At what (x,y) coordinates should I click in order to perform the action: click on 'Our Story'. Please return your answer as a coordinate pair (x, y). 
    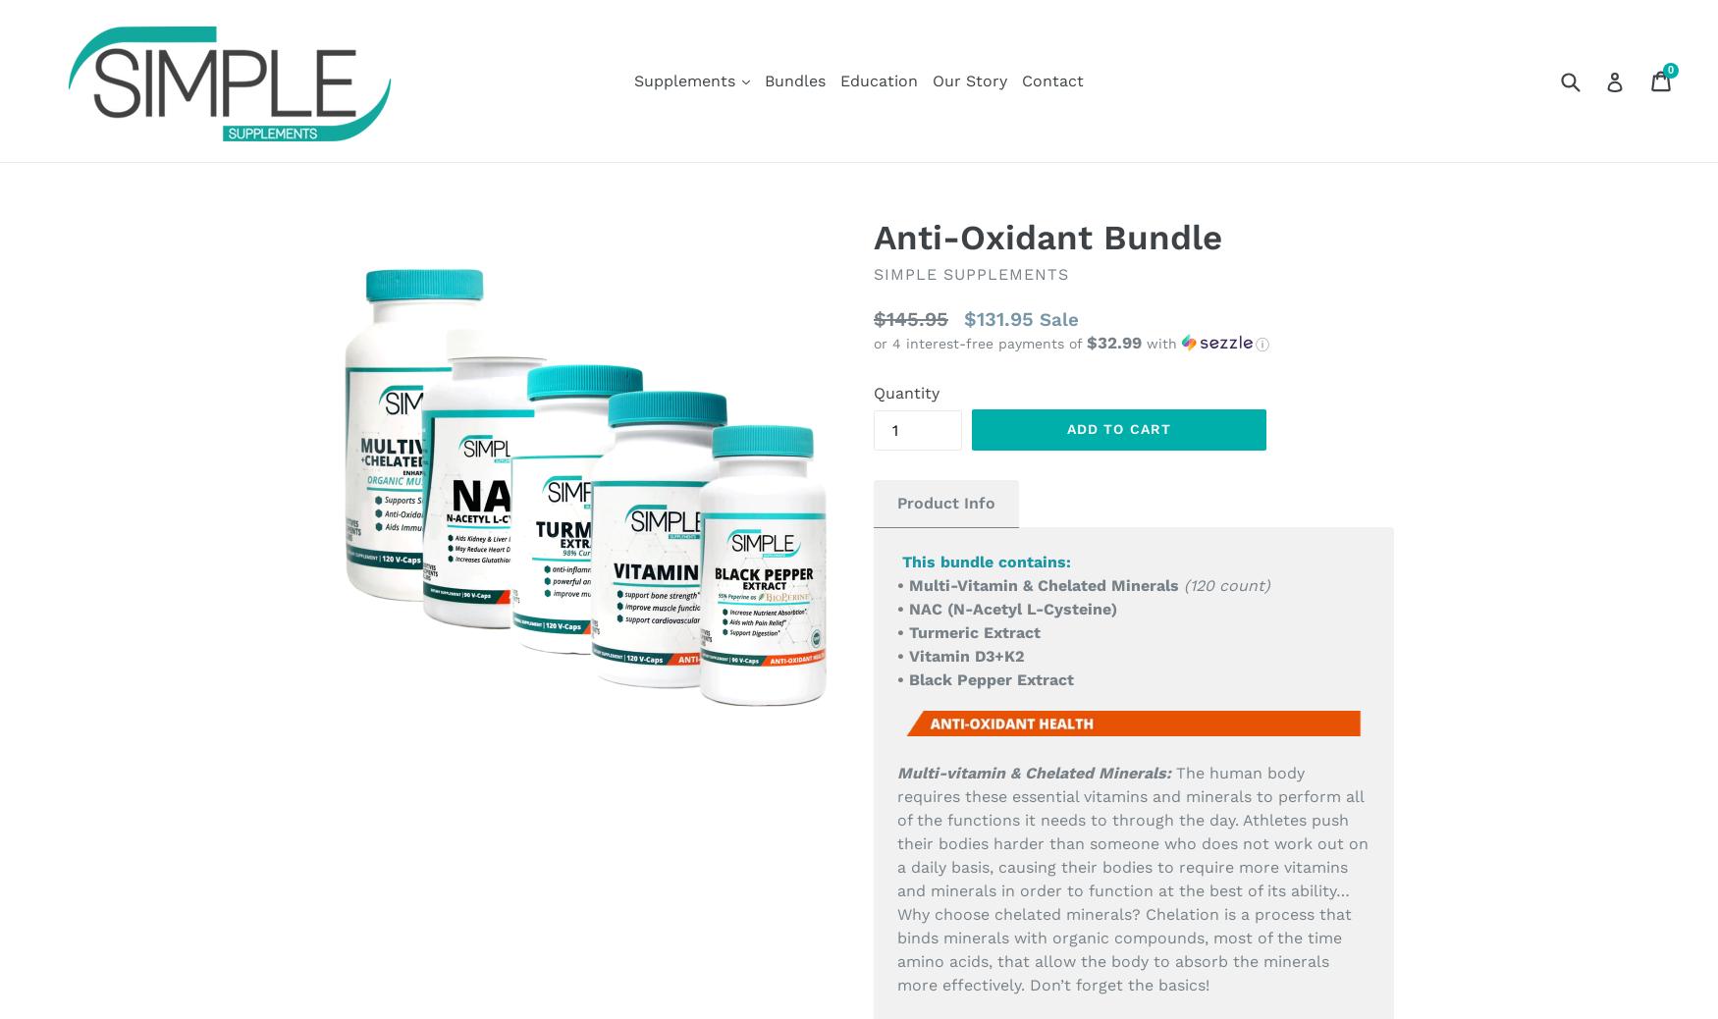
    Looking at the image, I should click on (970, 79).